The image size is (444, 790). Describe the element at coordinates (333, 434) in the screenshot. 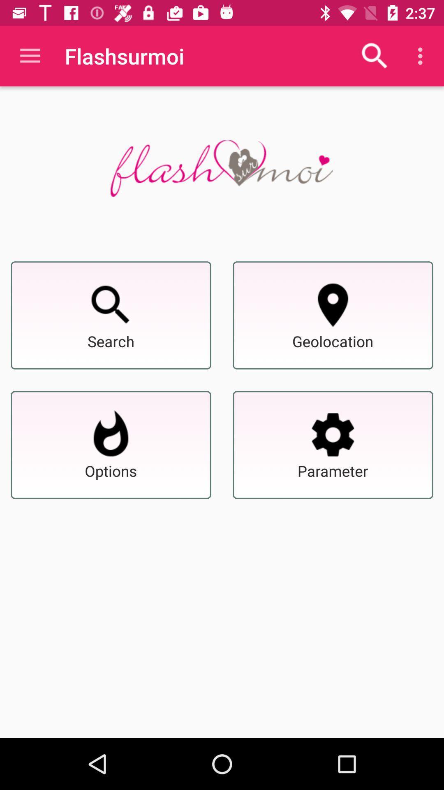

I see `search criteria` at that location.